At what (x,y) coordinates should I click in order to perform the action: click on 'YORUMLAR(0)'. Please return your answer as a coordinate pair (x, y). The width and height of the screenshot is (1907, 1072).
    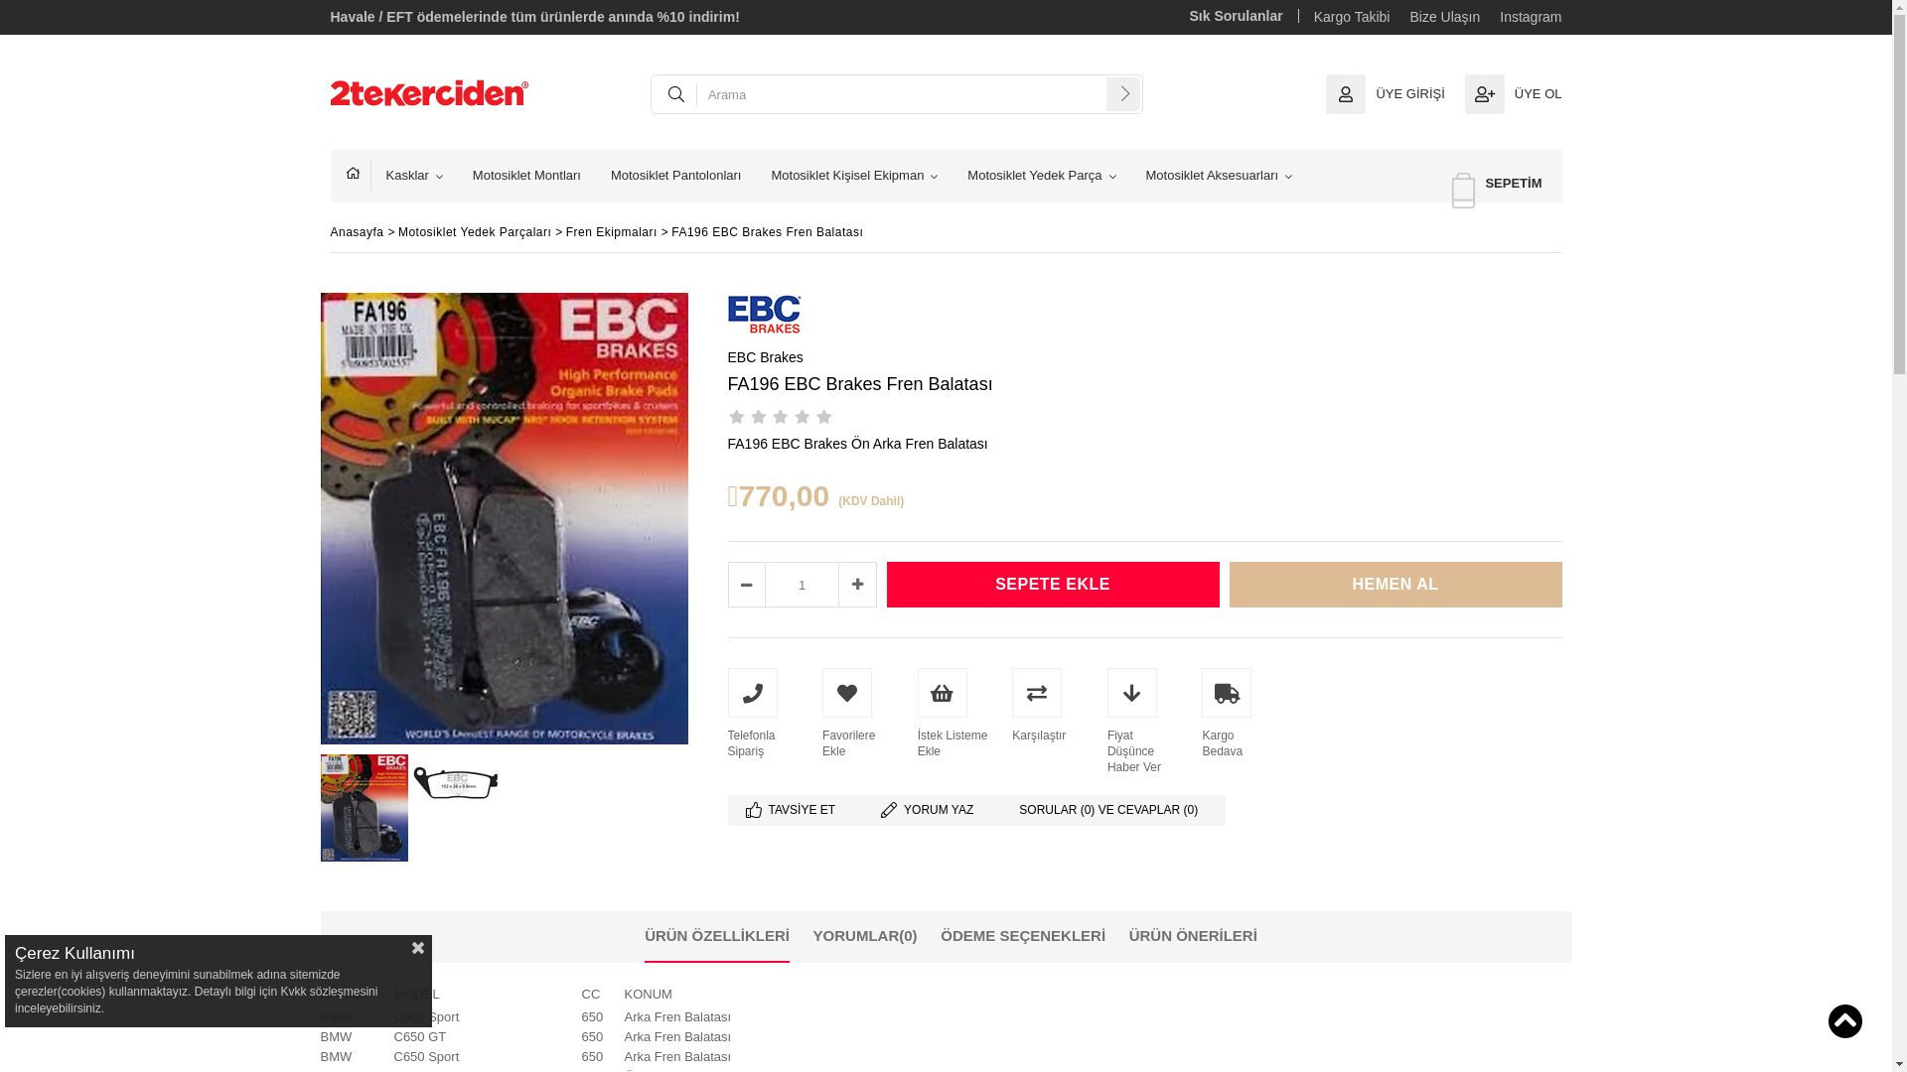
    Looking at the image, I should click on (865, 935).